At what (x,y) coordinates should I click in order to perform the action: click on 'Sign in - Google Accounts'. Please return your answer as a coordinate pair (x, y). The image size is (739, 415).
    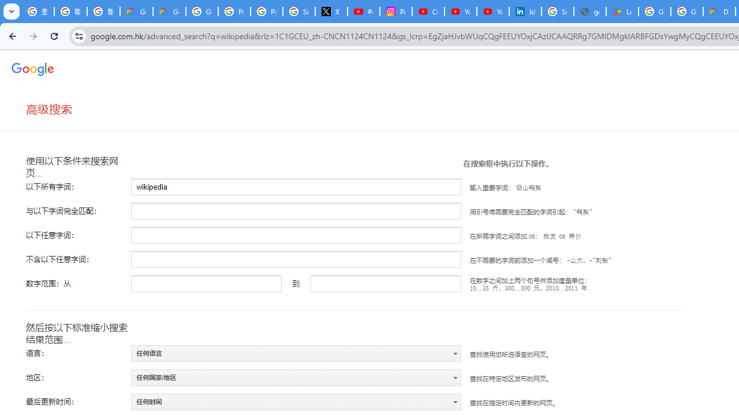
    Looking at the image, I should click on (558, 12).